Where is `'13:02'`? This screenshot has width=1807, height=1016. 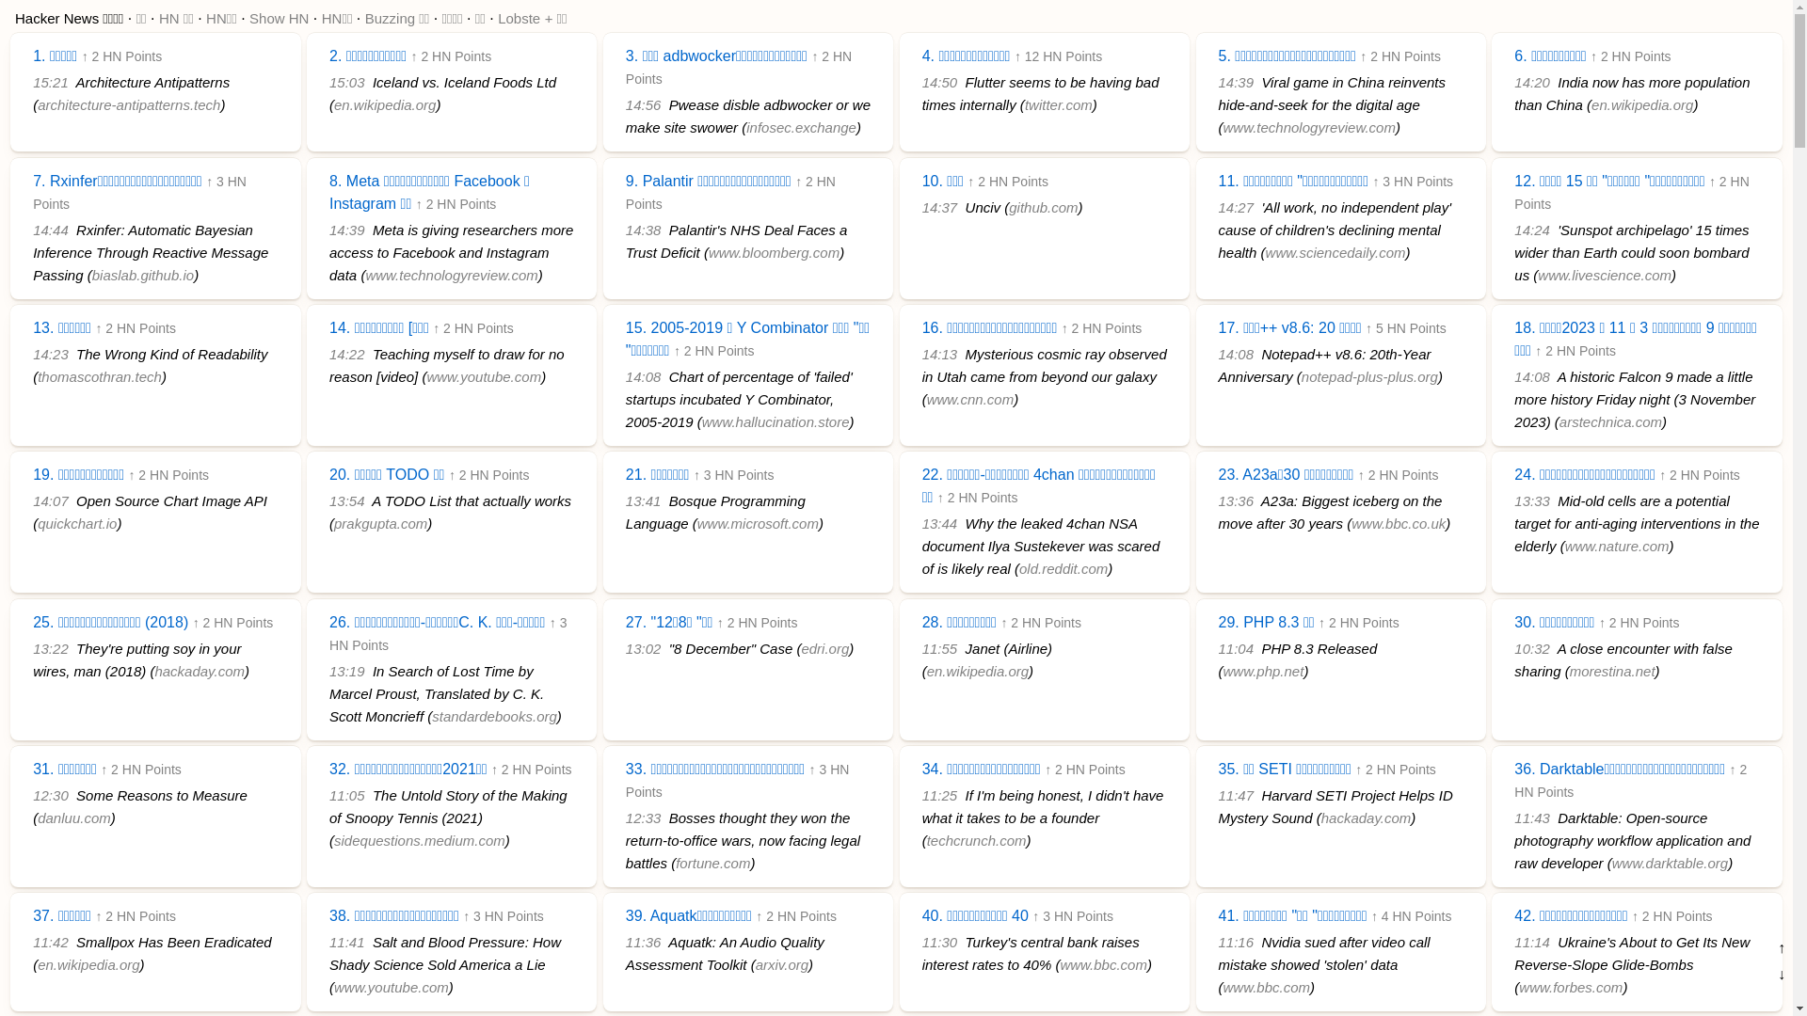 '13:02' is located at coordinates (644, 647).